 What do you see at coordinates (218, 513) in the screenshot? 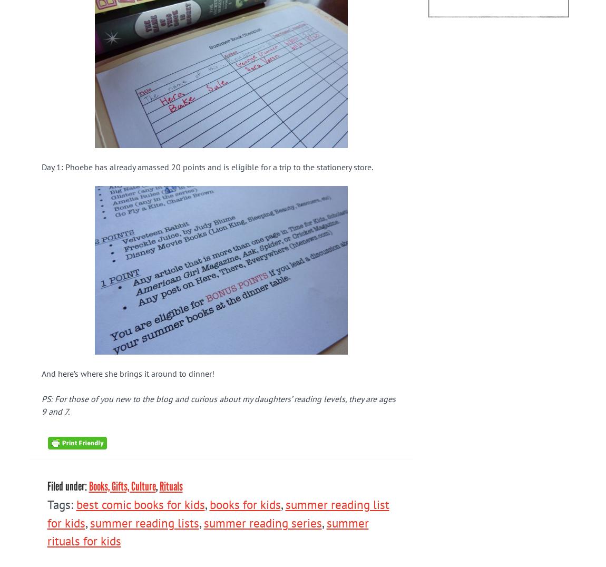
I see `'summer reading list for kids'` at bounding box center [218, 513].